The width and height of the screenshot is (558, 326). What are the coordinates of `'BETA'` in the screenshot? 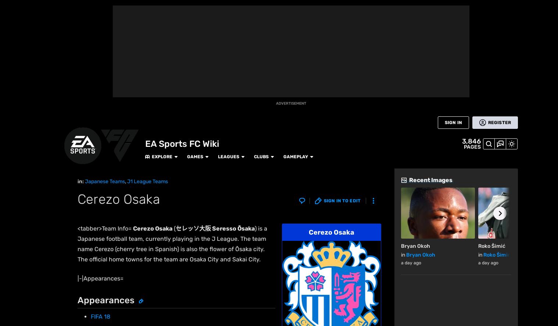 It's located at (11, 78).